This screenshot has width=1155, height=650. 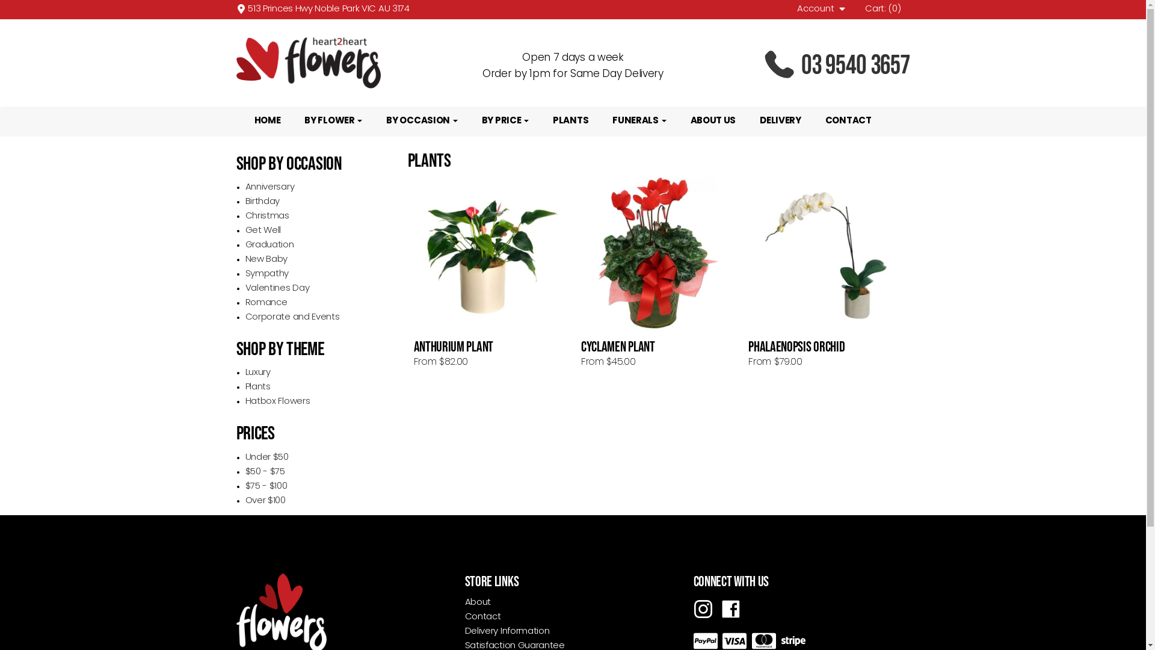 I want to click on '03 9540 3657', so click(x=801, y=64).